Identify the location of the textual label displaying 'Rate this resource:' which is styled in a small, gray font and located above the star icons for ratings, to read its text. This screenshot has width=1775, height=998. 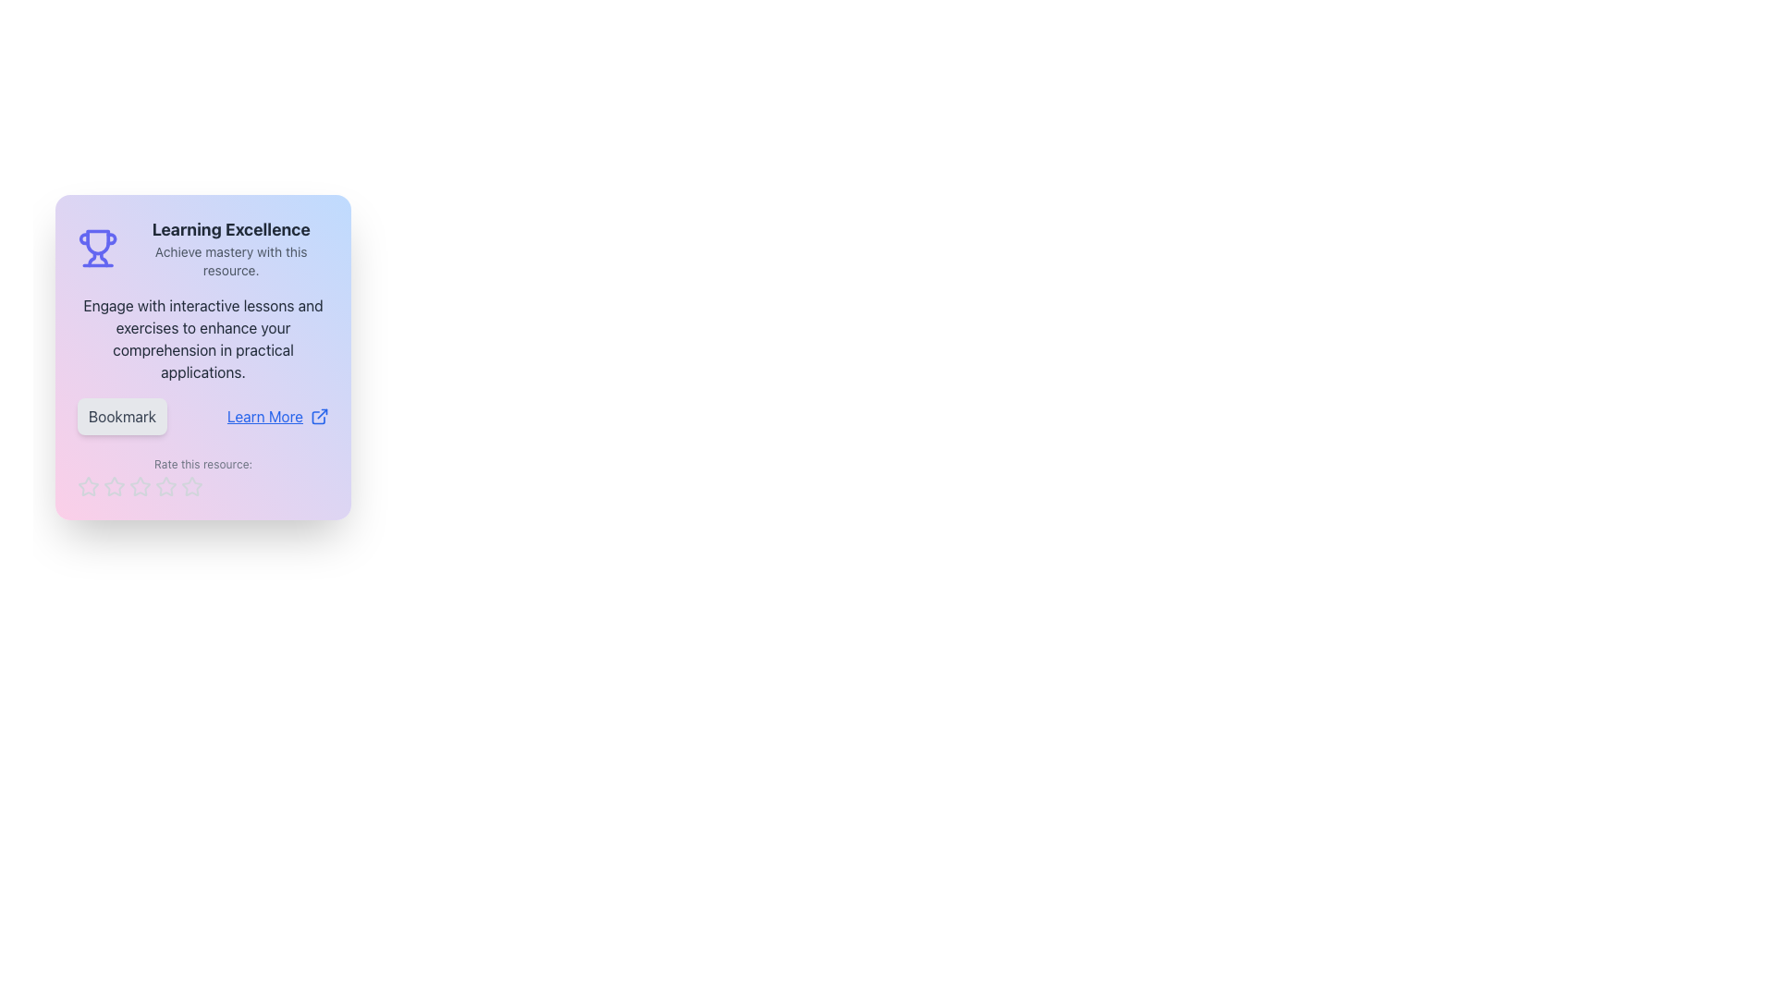
(203, 463).